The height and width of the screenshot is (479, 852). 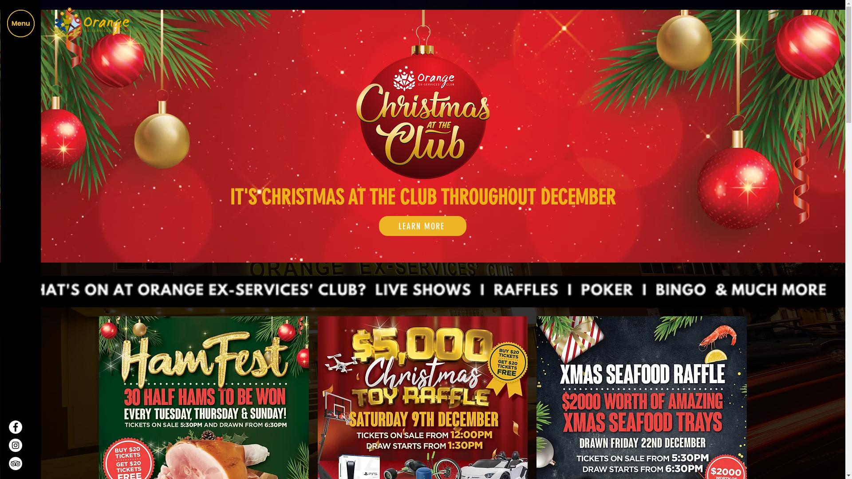 I want to click on 'LEARN MORE', so click(x=422, y=225).